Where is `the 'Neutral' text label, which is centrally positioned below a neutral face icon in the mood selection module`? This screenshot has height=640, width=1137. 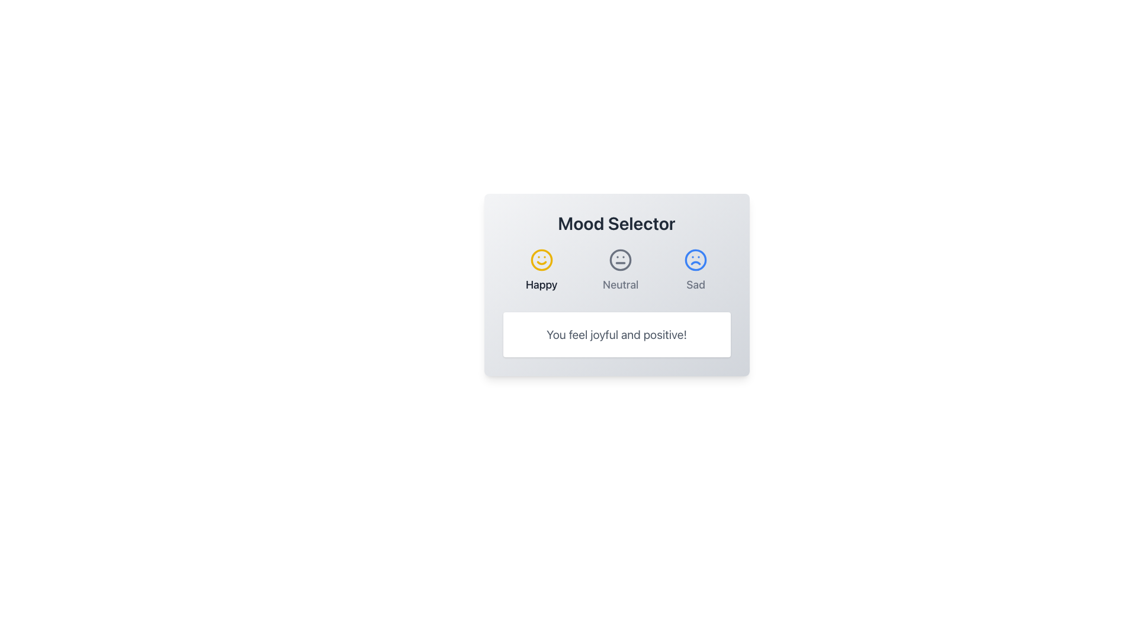
the 'Neutral' text label, which is centrally positioned below a neutral face icon in the mood selection module is located at coordinates (620, 285).